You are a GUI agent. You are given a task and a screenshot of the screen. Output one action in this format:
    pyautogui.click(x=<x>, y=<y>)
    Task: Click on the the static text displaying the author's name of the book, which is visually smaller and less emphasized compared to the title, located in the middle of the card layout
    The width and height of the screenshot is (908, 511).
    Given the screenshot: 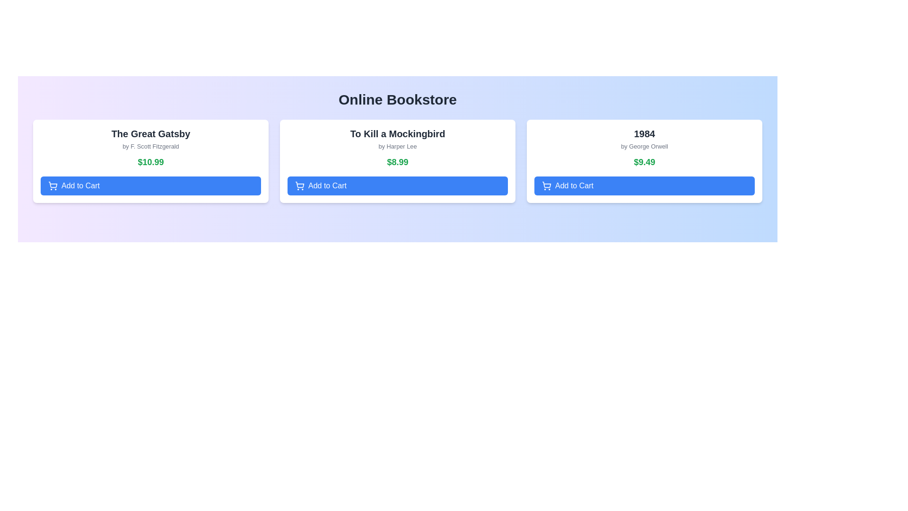 What is the action you would take?
    pyautogui.click(x=397, y=146)
    